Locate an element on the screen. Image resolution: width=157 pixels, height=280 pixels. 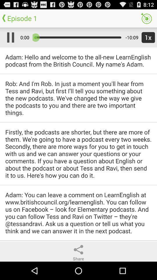
icon to the right of the -10:09 icon is located at coordinates (147, 37).